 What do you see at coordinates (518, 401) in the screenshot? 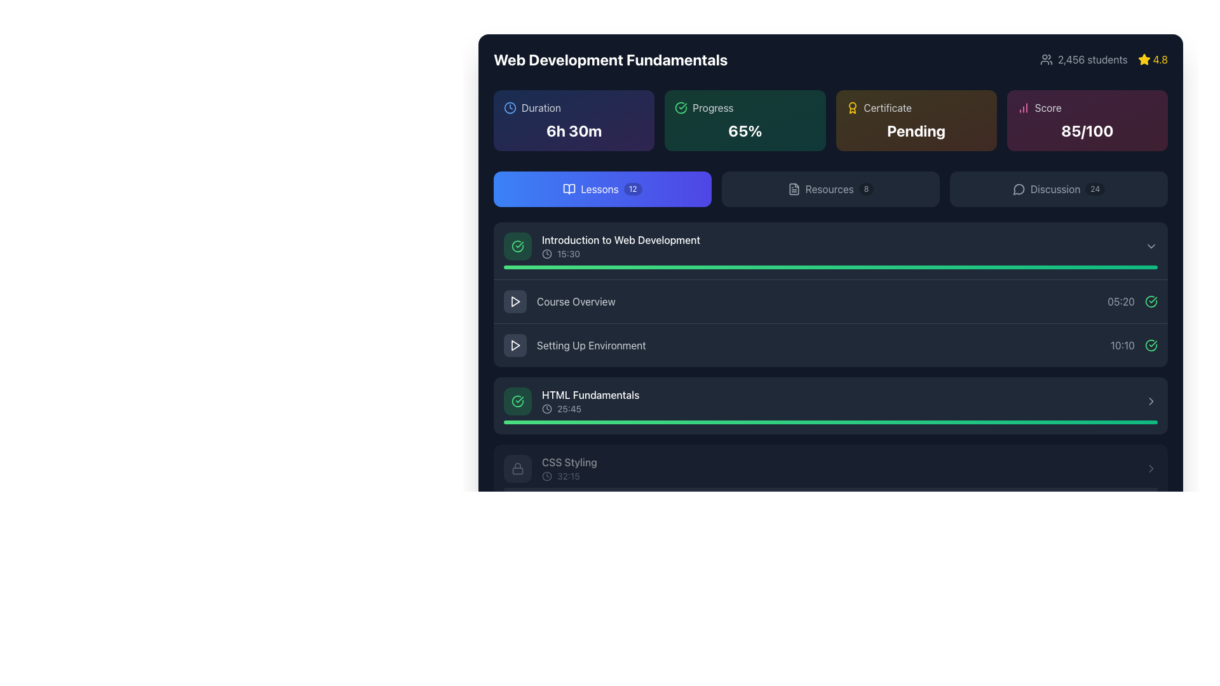
I see `the green circular icon containing a checkmark, which is located to the left of the text 'HTML Fundamentals' in a list item within a module section` at bounding box center [518, 401].